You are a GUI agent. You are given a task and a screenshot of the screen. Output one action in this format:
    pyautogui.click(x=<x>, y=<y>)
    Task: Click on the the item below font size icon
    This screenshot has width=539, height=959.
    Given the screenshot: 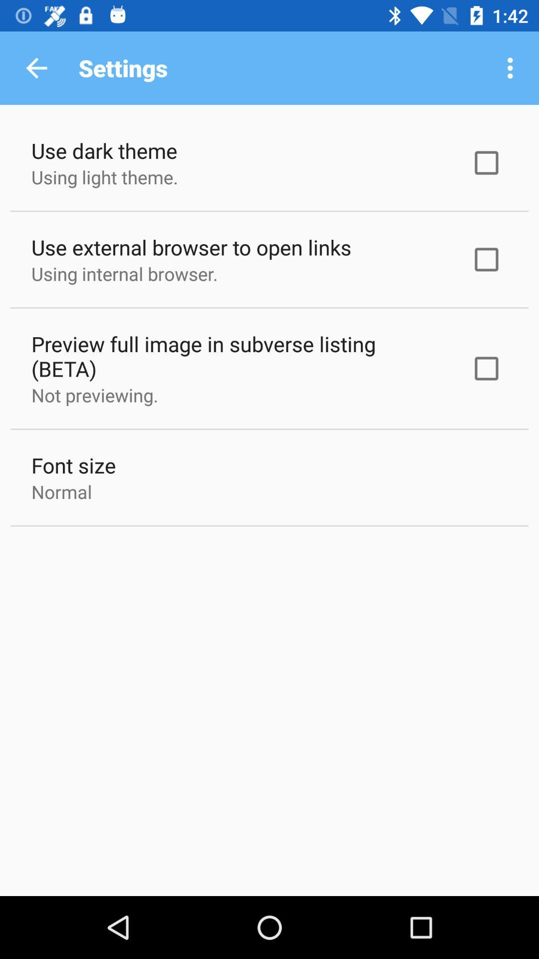 What is the action you would take?
    pyautogui.click(x=61, y=491)
    